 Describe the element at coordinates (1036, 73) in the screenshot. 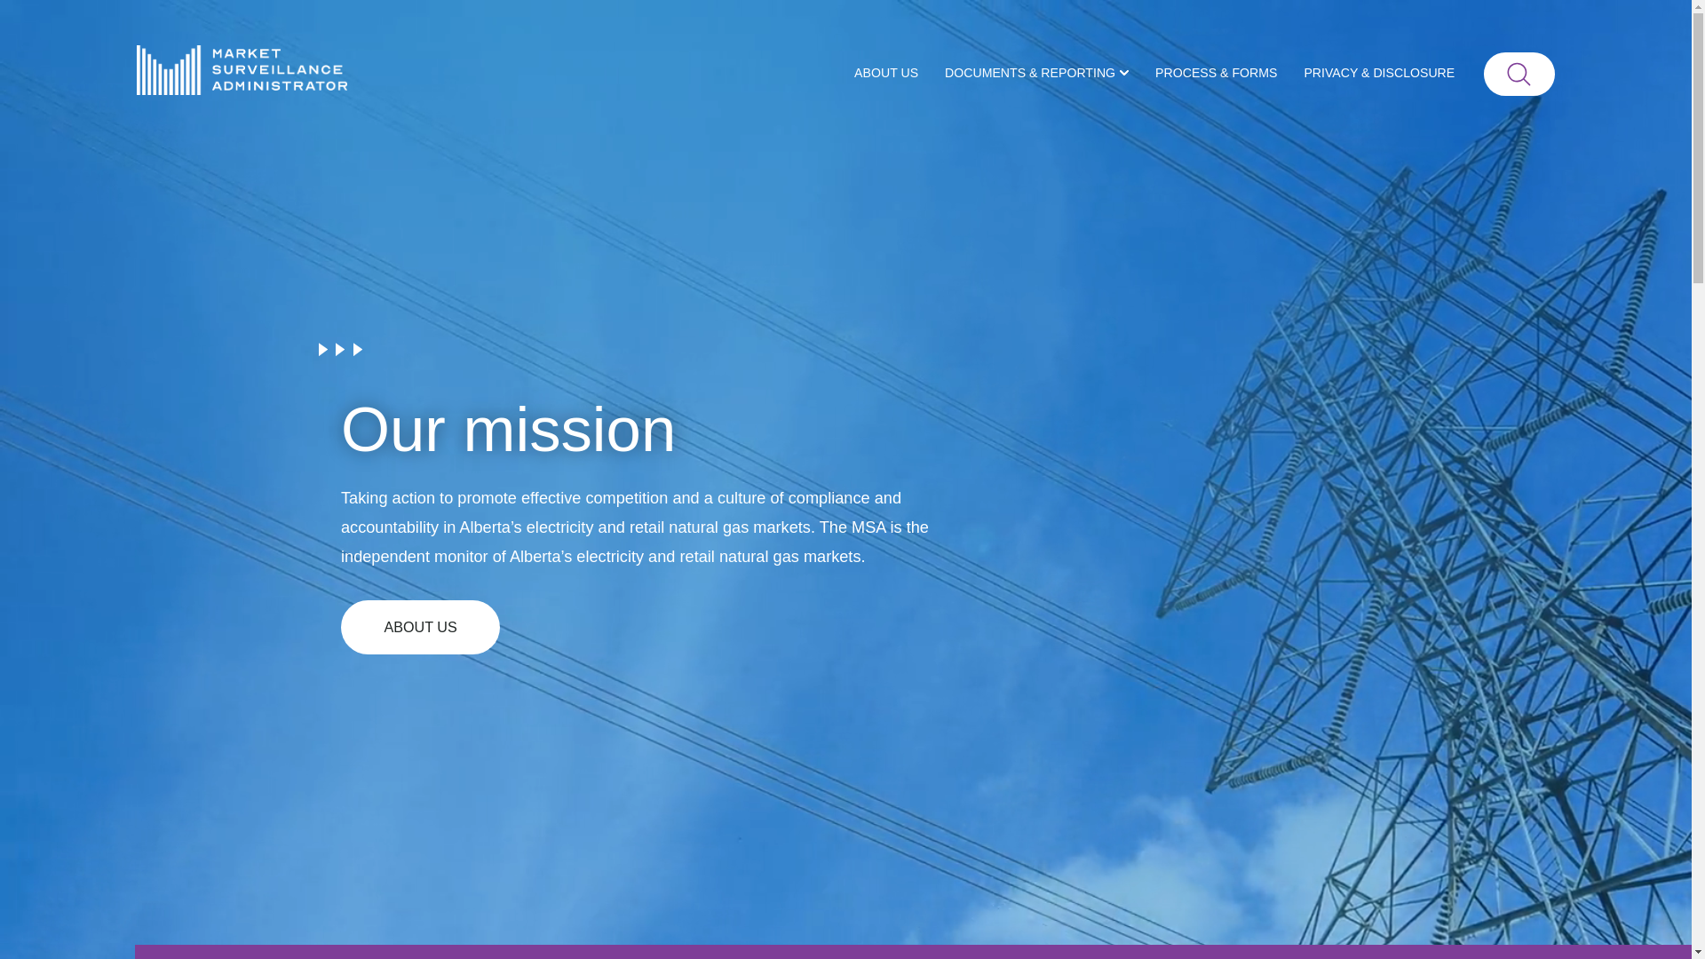

I see `'DOCUMENTS & REPORTING'` at that location.